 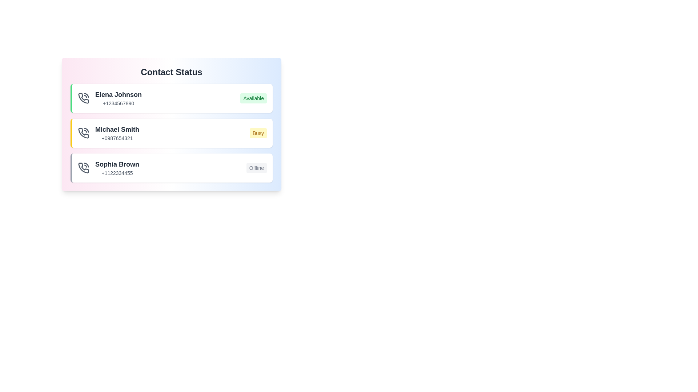 What do you see at coordinates (84, 98) in the screenshot?
I see `the phone icon of the contact Elena Johnson to initiate a call` at bounding box center [84, 98].